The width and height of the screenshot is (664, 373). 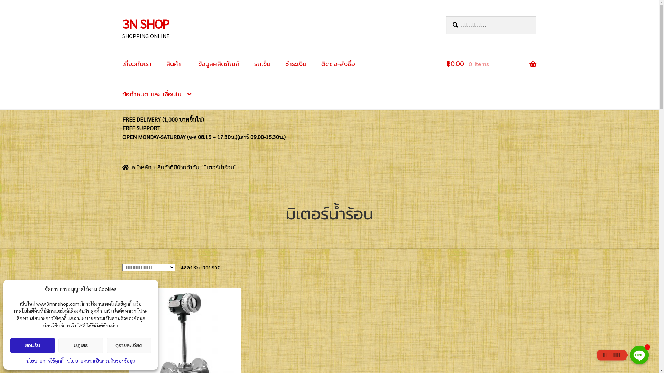 I want to click on 'Skip to navigation', so click(x=122, y=16).